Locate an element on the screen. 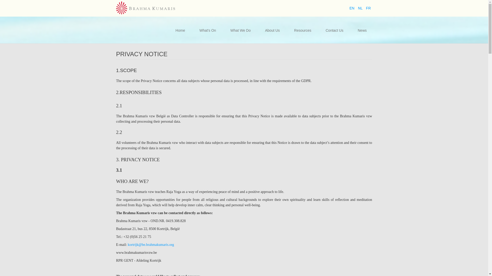  'FR' is located at coordinates (368, 8).